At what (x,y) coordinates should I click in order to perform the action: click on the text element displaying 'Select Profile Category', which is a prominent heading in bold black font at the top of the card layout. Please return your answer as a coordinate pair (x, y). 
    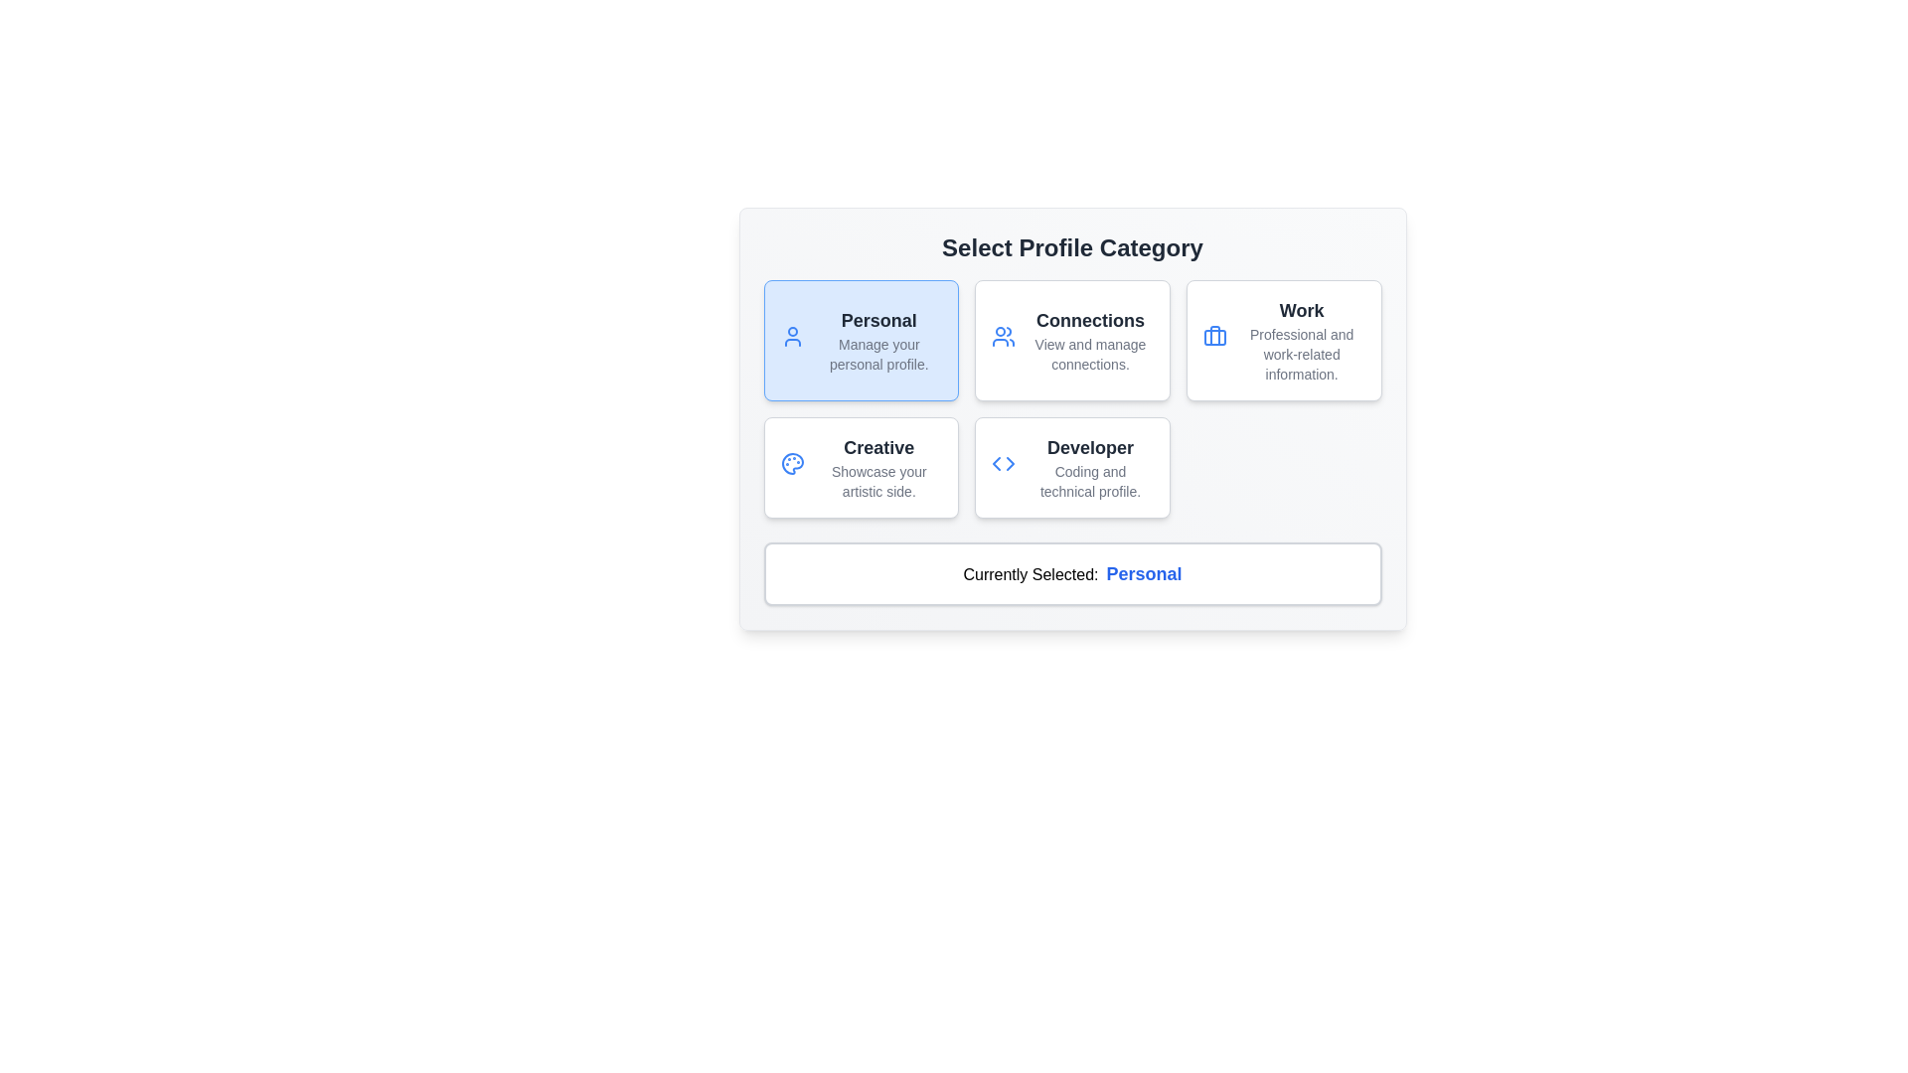
    Looking at the image, I should click on (1071, 247).